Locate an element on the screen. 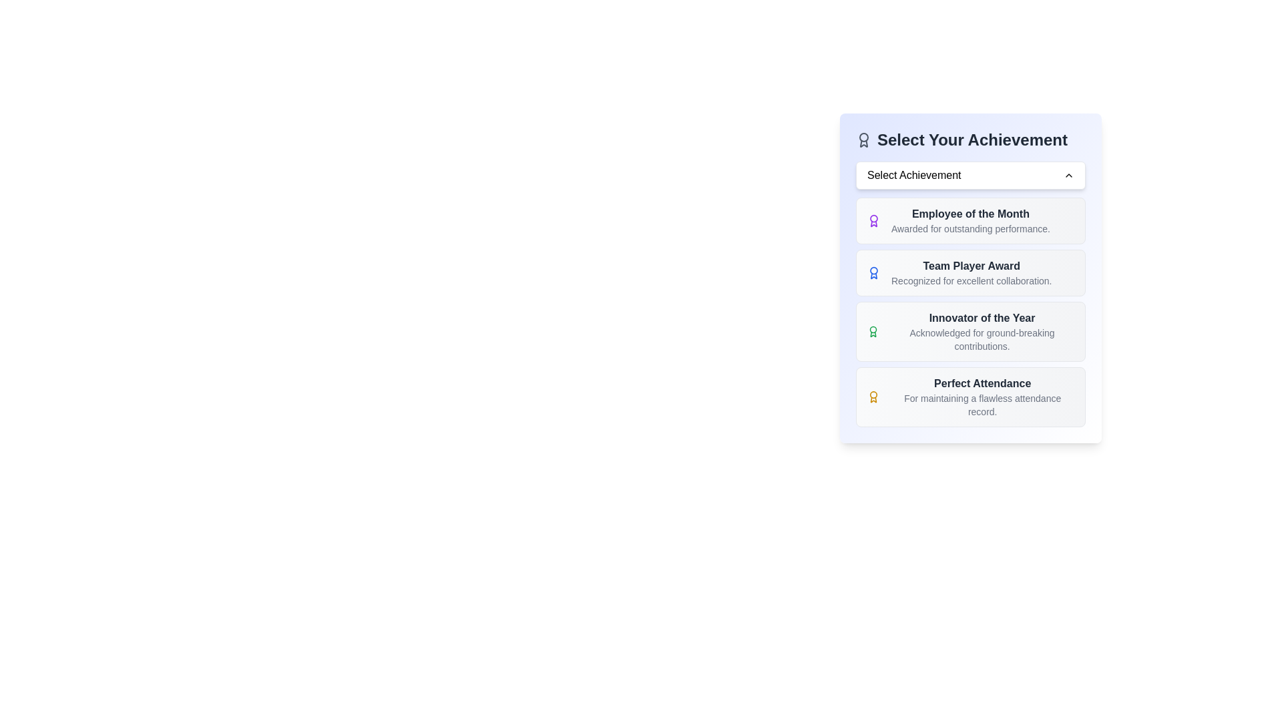  the decorative ribbon or badge icon located within the award icon graphic near the 'Select Your Achievement' title is located at coordinates (864, 144).